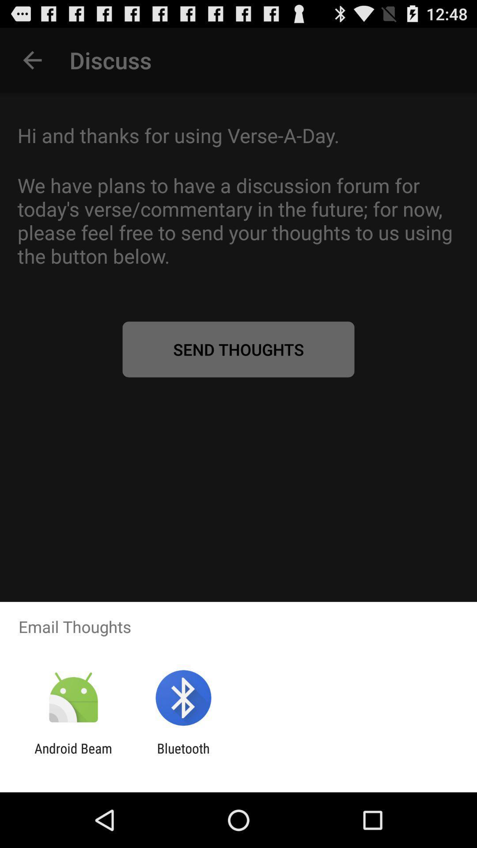  I want to click on the android beam item, so click(73, 756).